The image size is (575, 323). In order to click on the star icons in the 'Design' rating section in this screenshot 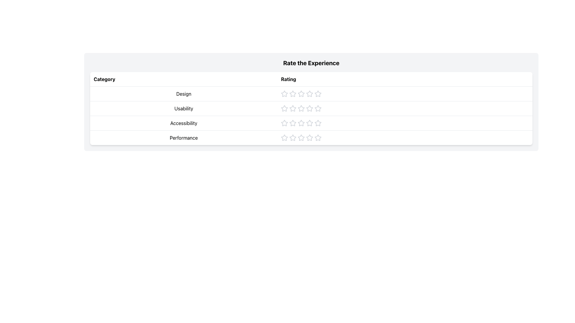, I will do `click(405, 94)`.